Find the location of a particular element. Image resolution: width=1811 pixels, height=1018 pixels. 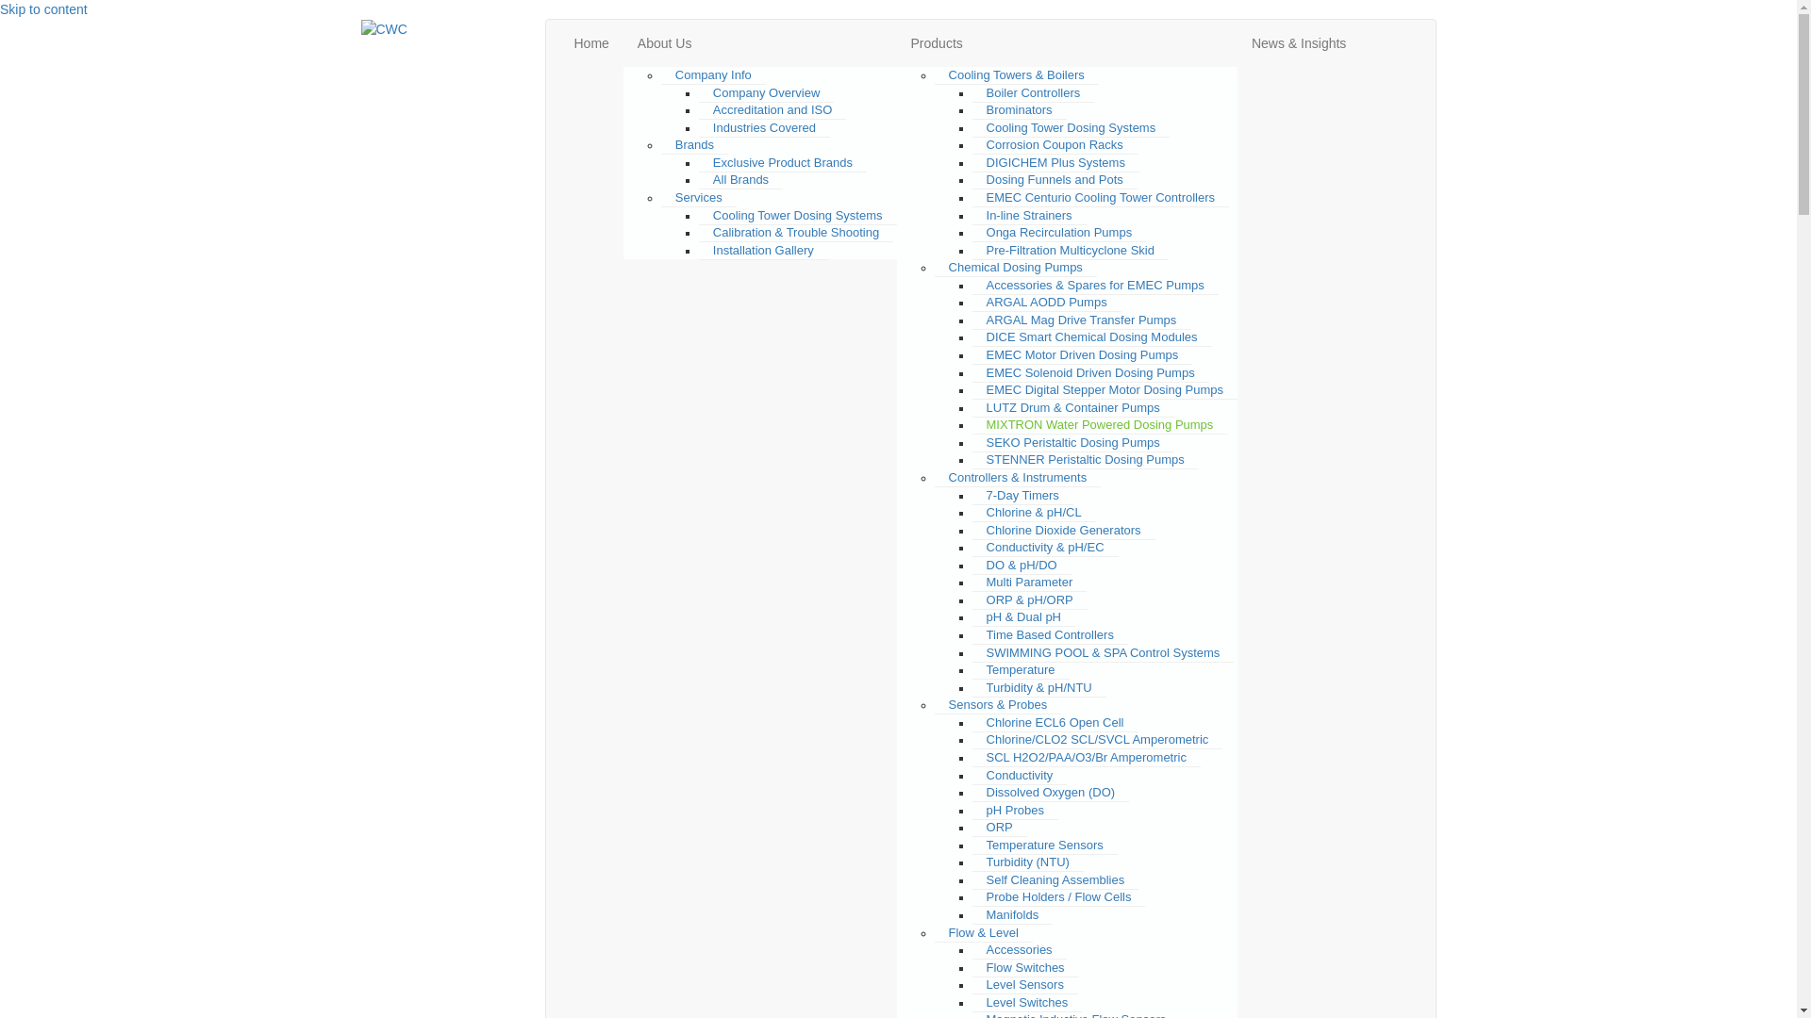

'Turbidity (NTU)' is located at coordinates (1026, 862).